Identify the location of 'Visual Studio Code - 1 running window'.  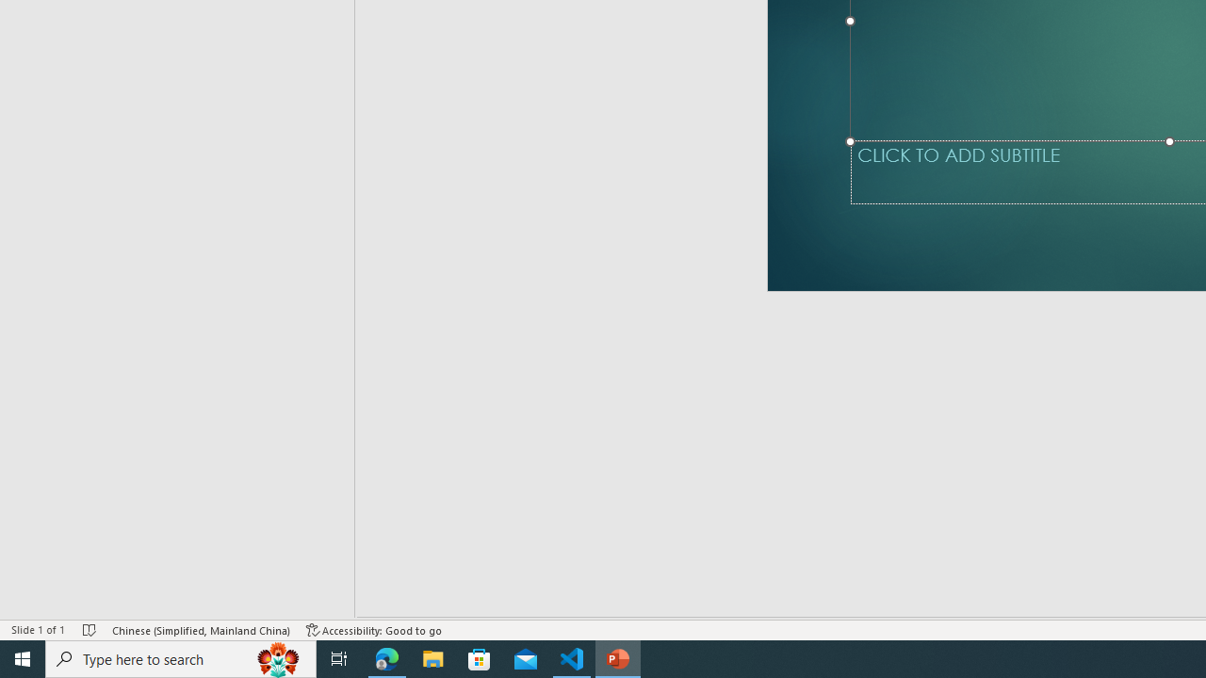
(571, 657).